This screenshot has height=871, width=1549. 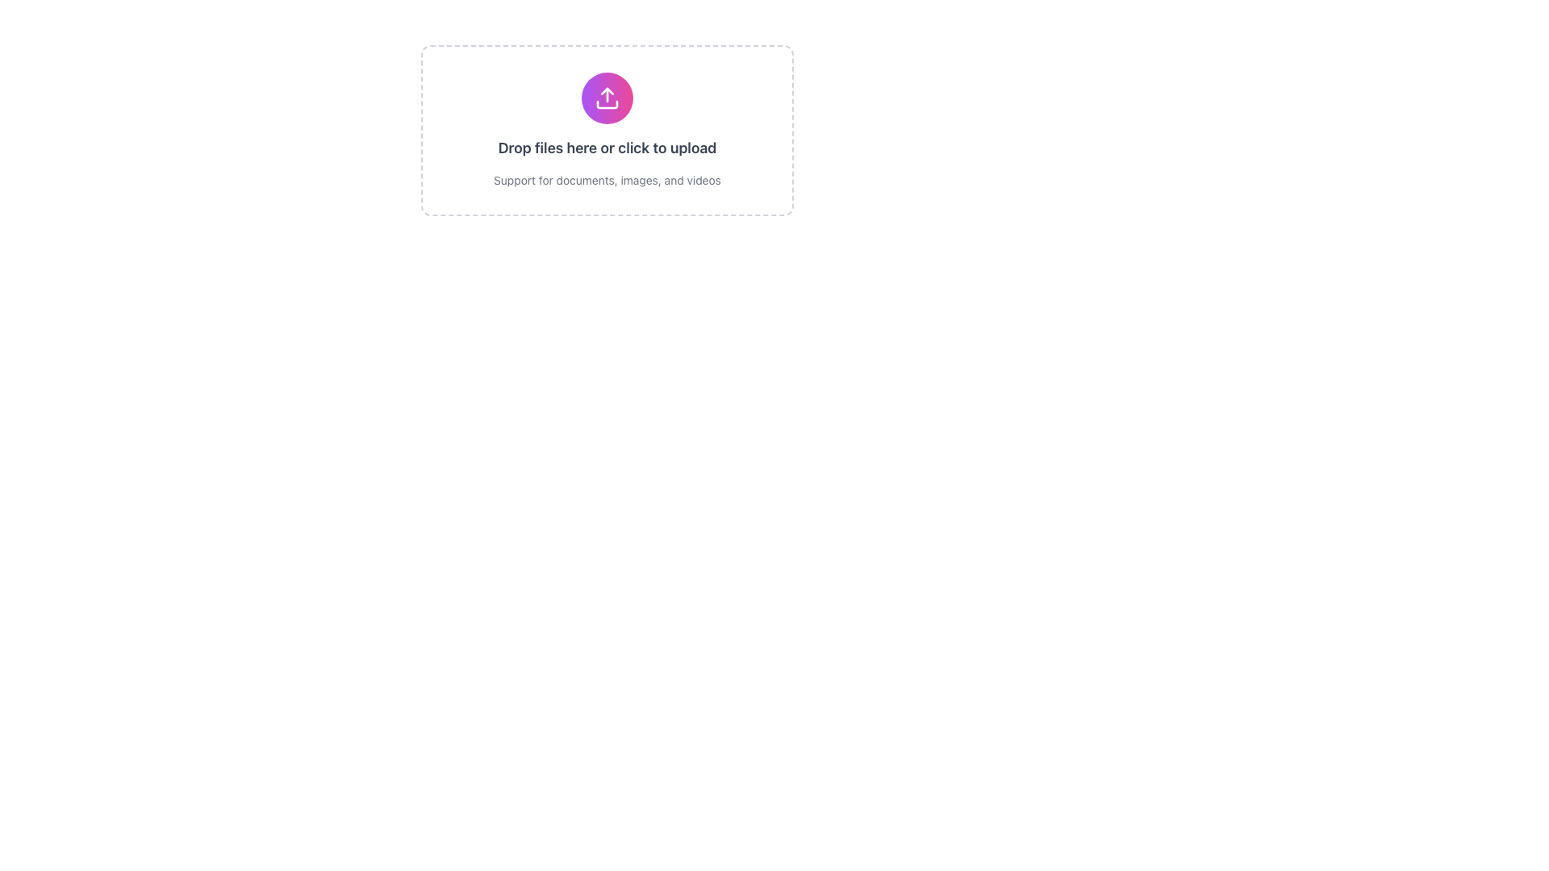 What do you see at coordinates (607, 130) in the screenshot?
I see `the invisible file input field that spans the entire area of the upload prompt` at bounding box center [607, 130].